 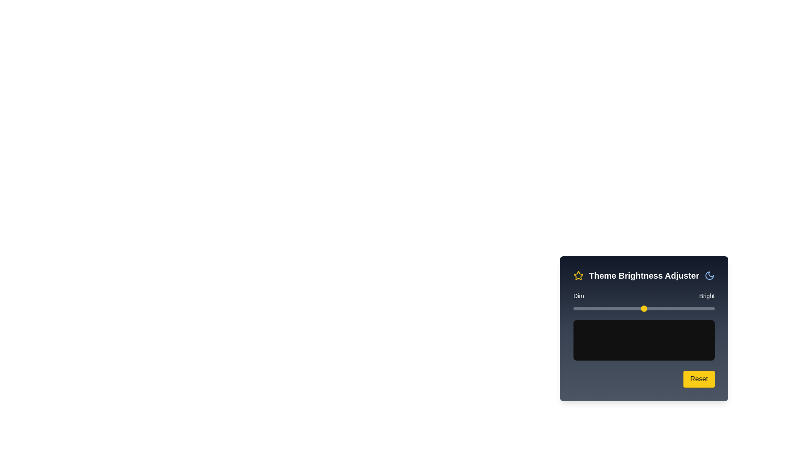 What do you see at coordinates (642, 309) in the screenshot?
I see `the brightness slider to 49% and observe the preview area` at bounding box center [642, 309].